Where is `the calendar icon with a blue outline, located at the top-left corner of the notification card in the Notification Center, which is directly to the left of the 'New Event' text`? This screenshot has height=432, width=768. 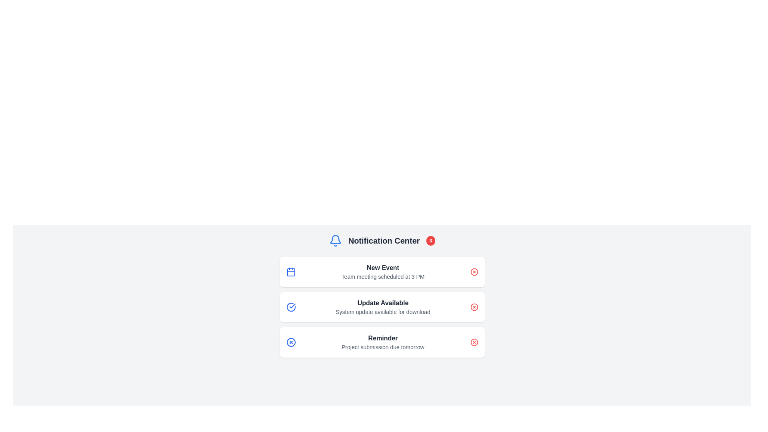 the calendar icon with a blue outline, located at the top-left corner of the notification card in the Notification Center, which is directly to the left of the 'New Event' text is located at coordinates (290, 271).